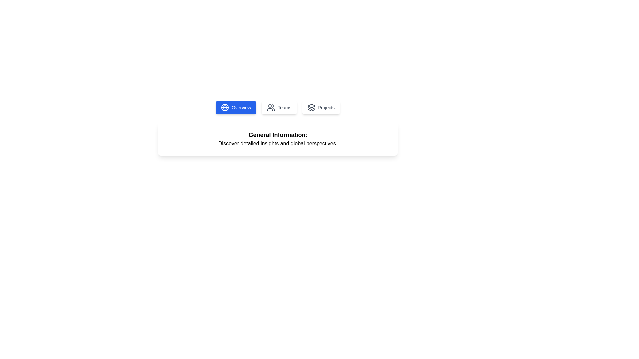 The width and height of the screenshot is (639, 359). I want to click on label of the text component displaying 'Overview' that is located inside the first button-like structure on the left, which has a blue background and white text, so click(241, 107).